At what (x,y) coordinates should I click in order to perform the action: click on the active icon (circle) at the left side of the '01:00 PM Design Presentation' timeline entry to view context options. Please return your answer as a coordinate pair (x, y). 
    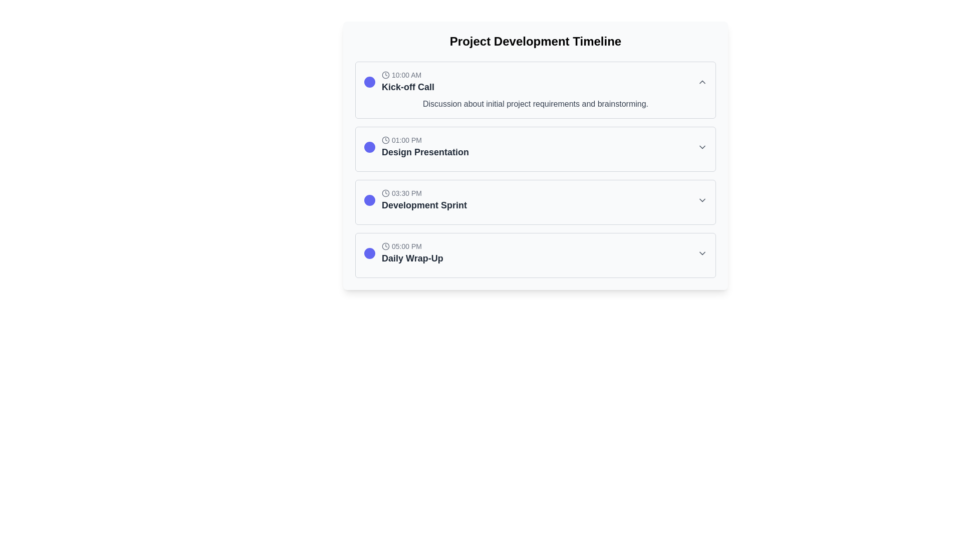
    Looking at the image, I should click on (369, 147).